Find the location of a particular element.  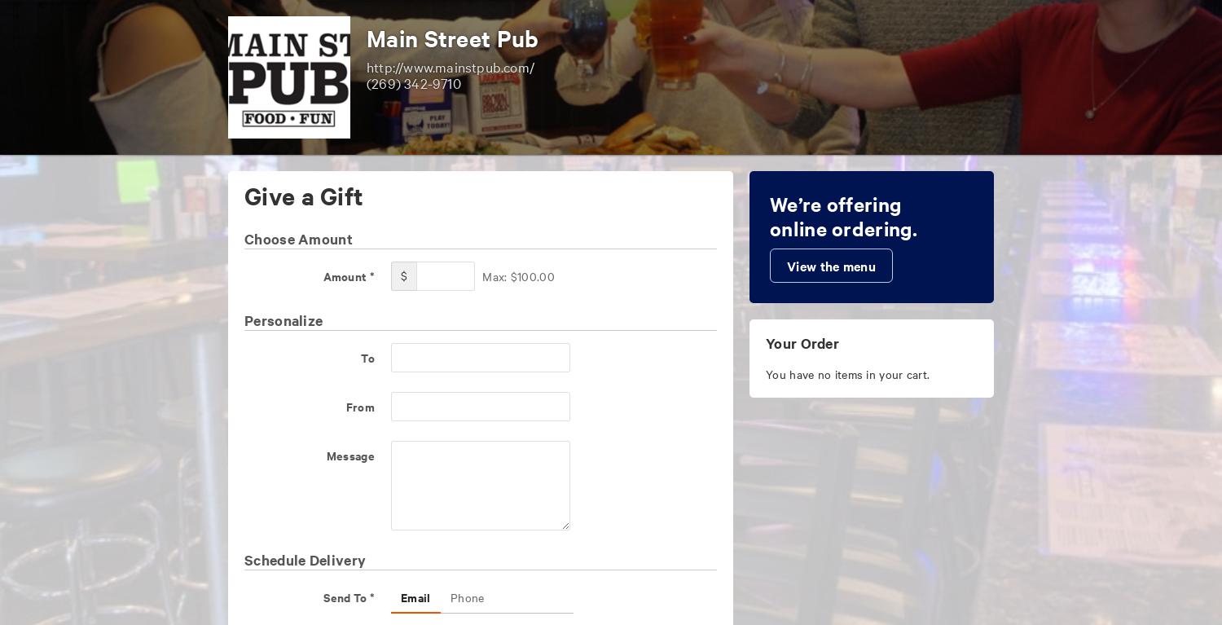

'$' is located at coordinates (402, 275).